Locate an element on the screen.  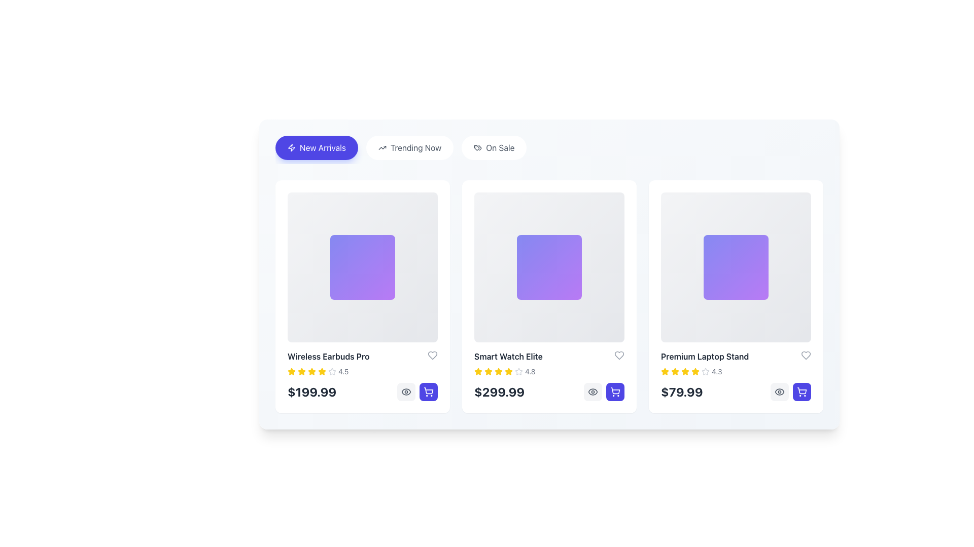
the 'On Sale' filter button, which is the third button in a horizontal group of three, located to the right of 'Trending Now' is located at coordinates (494, 148).